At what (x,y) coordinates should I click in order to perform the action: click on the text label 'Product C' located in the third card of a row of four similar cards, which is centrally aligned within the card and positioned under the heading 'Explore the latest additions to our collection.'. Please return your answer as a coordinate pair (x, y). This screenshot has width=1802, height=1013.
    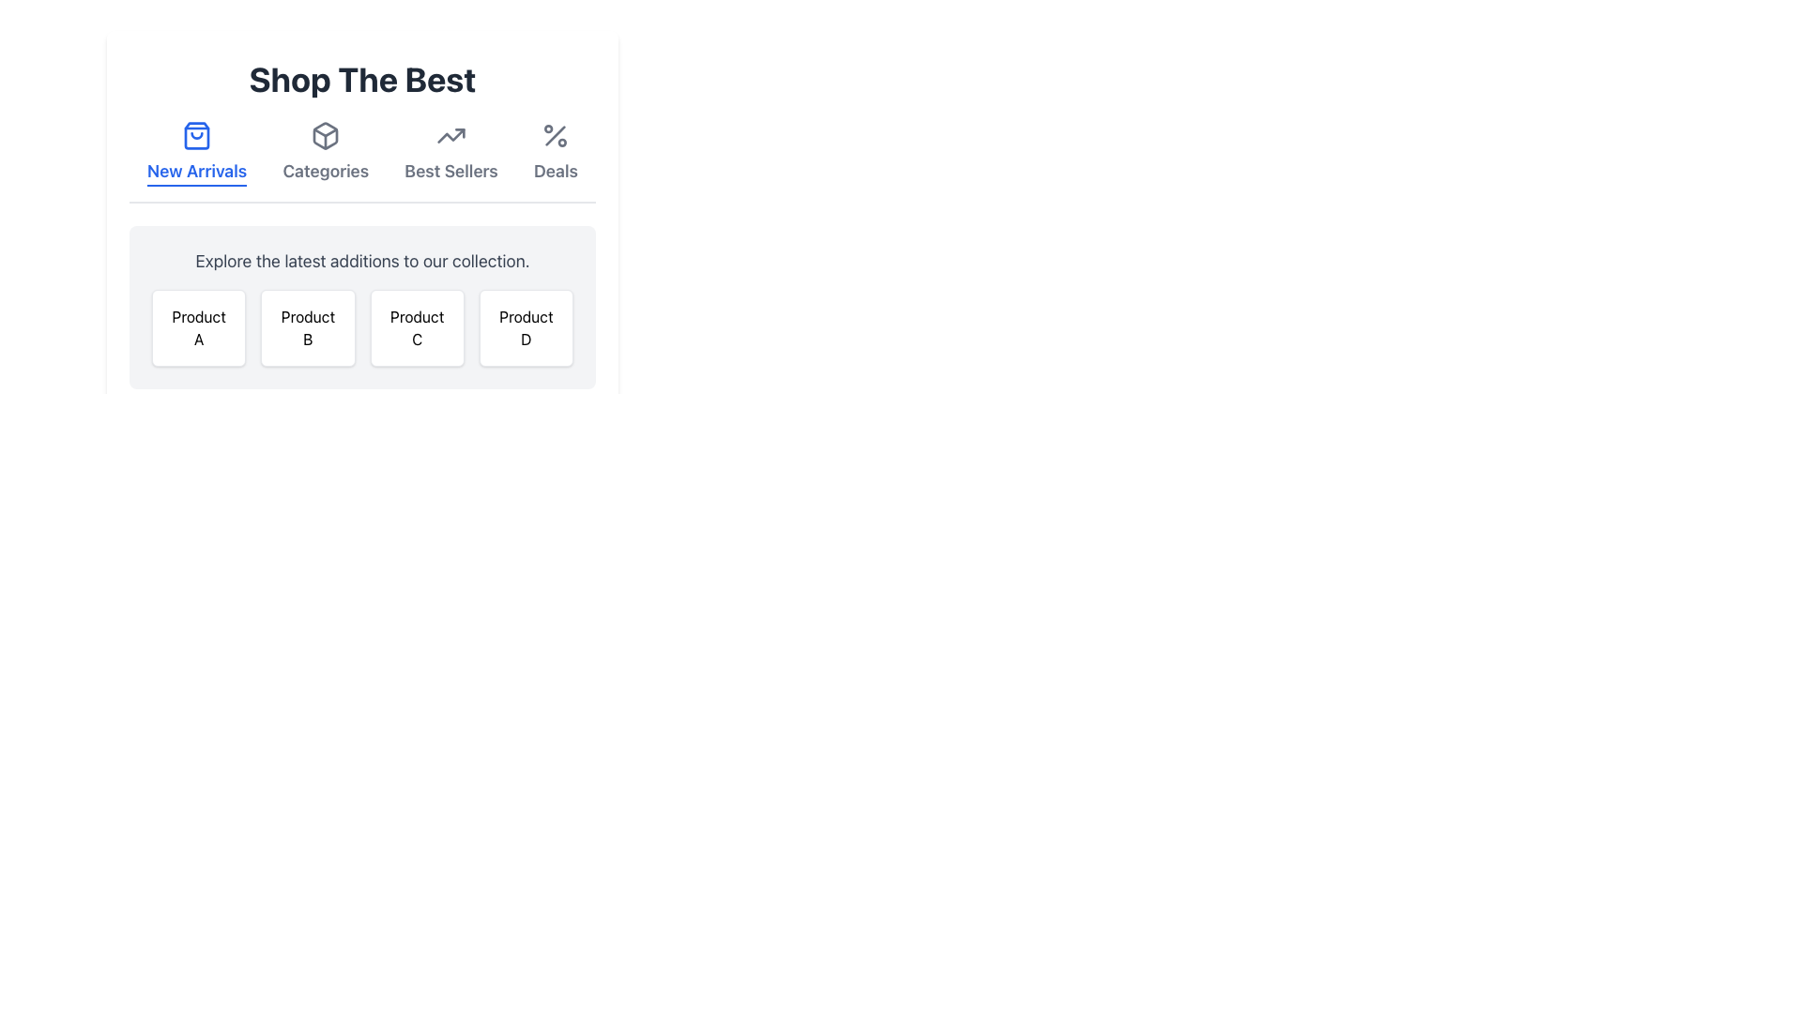
    Looking at the image, I should click on (416, 327).